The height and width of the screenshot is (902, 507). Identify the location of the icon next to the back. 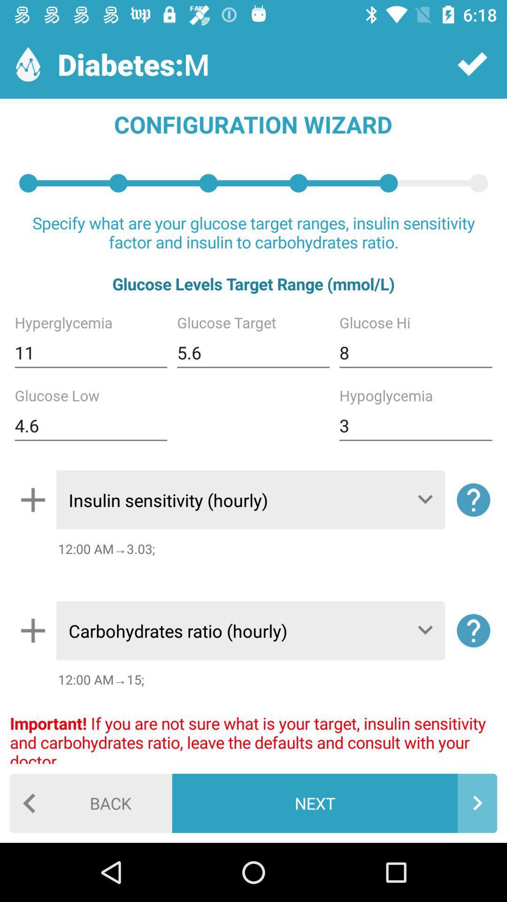
(334, 802).